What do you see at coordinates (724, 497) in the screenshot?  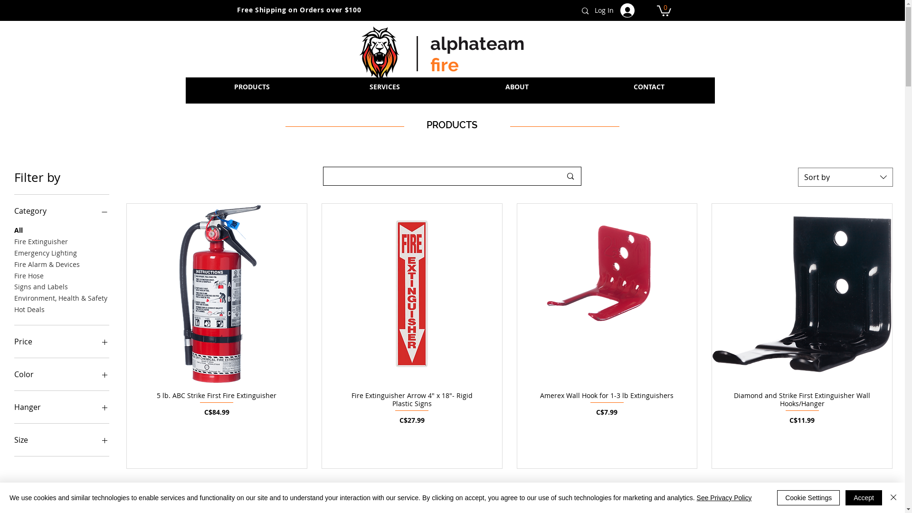 I see `'See Privacy Policy'` at bounding box center [724, 497].